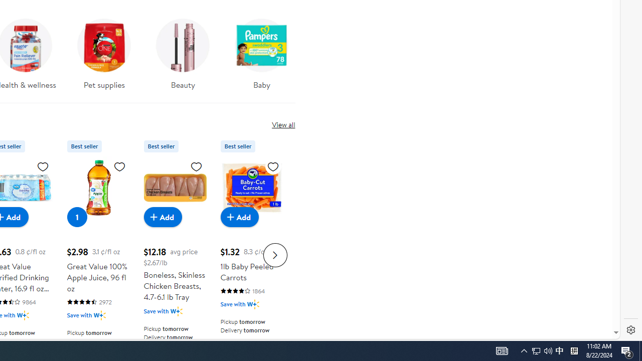  I want to click on 'Beauty', so click(183, 51).